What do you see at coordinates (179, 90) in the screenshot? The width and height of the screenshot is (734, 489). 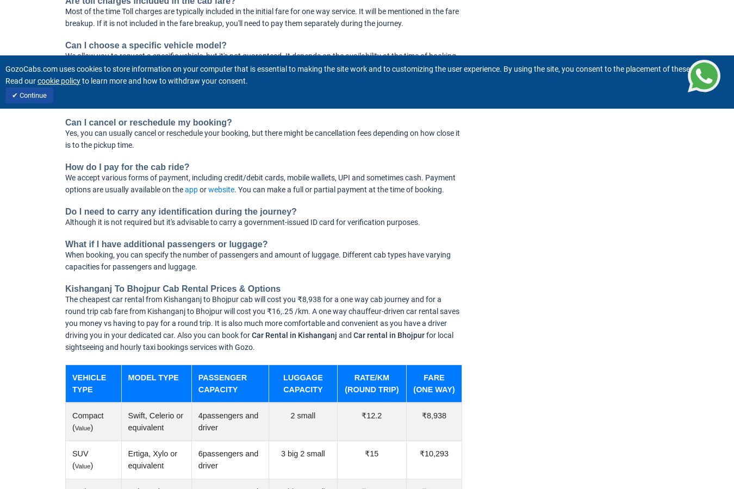 I see `'Is it safe to travel by cab, especially for long distances?'` at bounding box center [179, 90].